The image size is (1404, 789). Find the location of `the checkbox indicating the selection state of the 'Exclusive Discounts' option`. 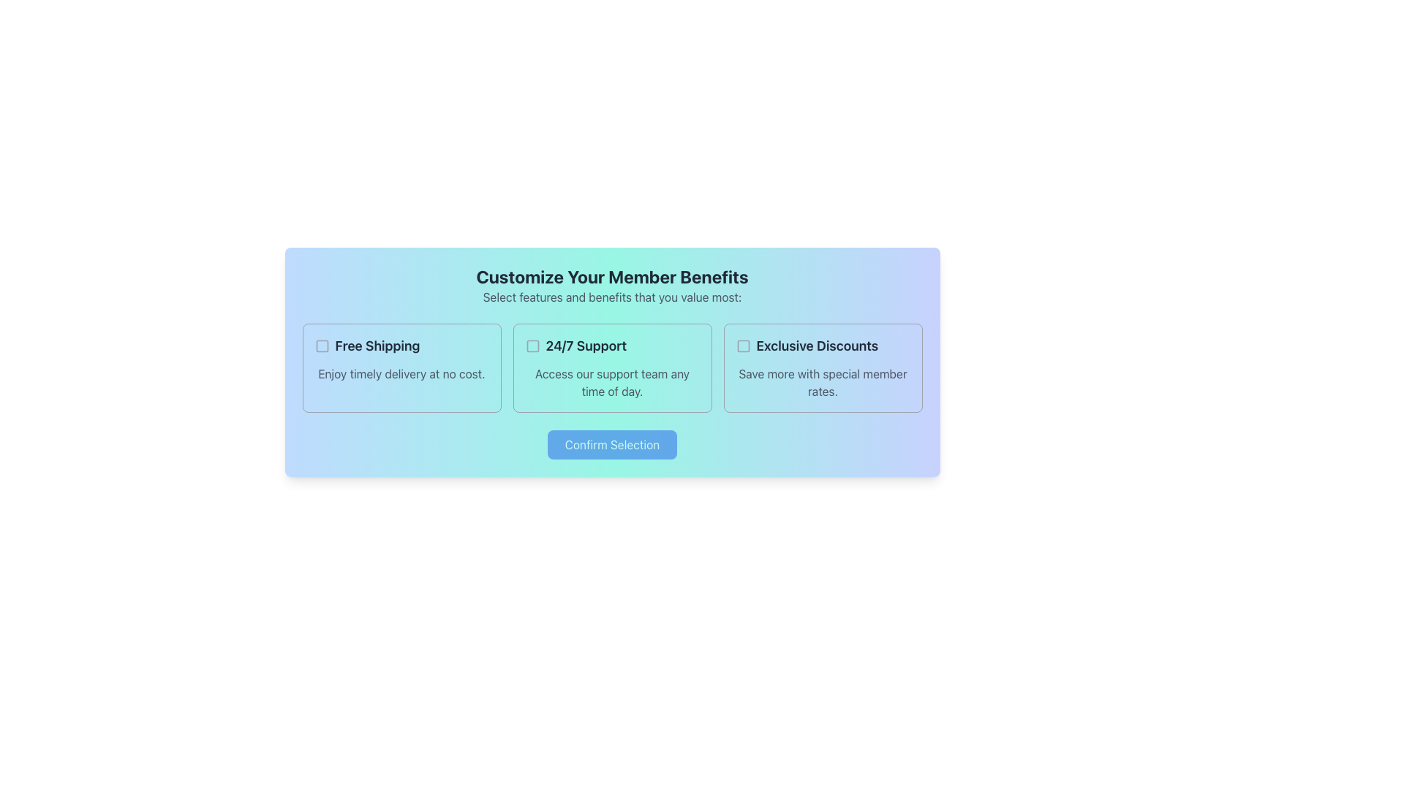

the checkbox indicating the selection state of the 'Exclusive Discounts' option is located at coordinates (743, 346).